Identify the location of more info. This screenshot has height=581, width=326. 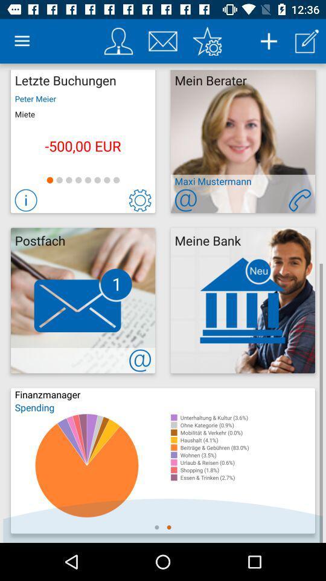
(26, 200).